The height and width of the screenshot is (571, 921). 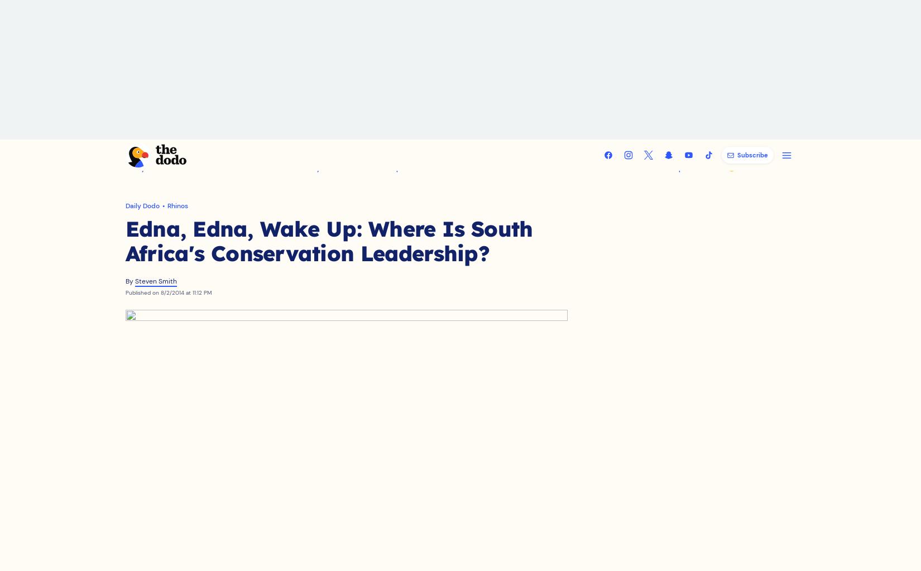 What do you see at coordinates (300, 180) in the screenshot?
I see `'Family Fun'` at bounding box center [300, 180].